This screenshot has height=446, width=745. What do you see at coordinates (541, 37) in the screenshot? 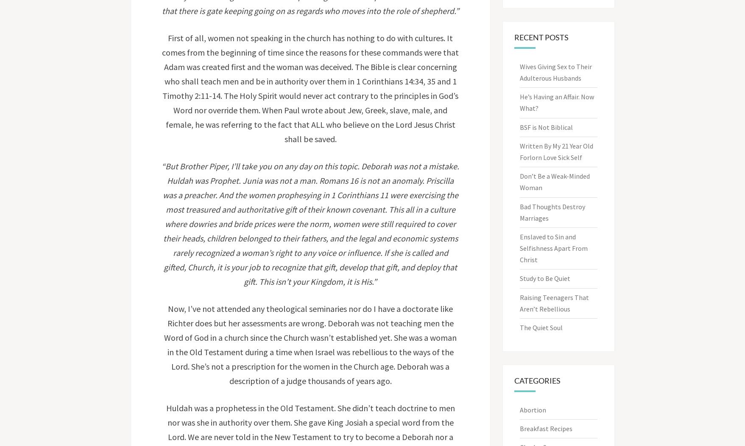
I see `'Recent Posts'` at bounding box center [541, 37].